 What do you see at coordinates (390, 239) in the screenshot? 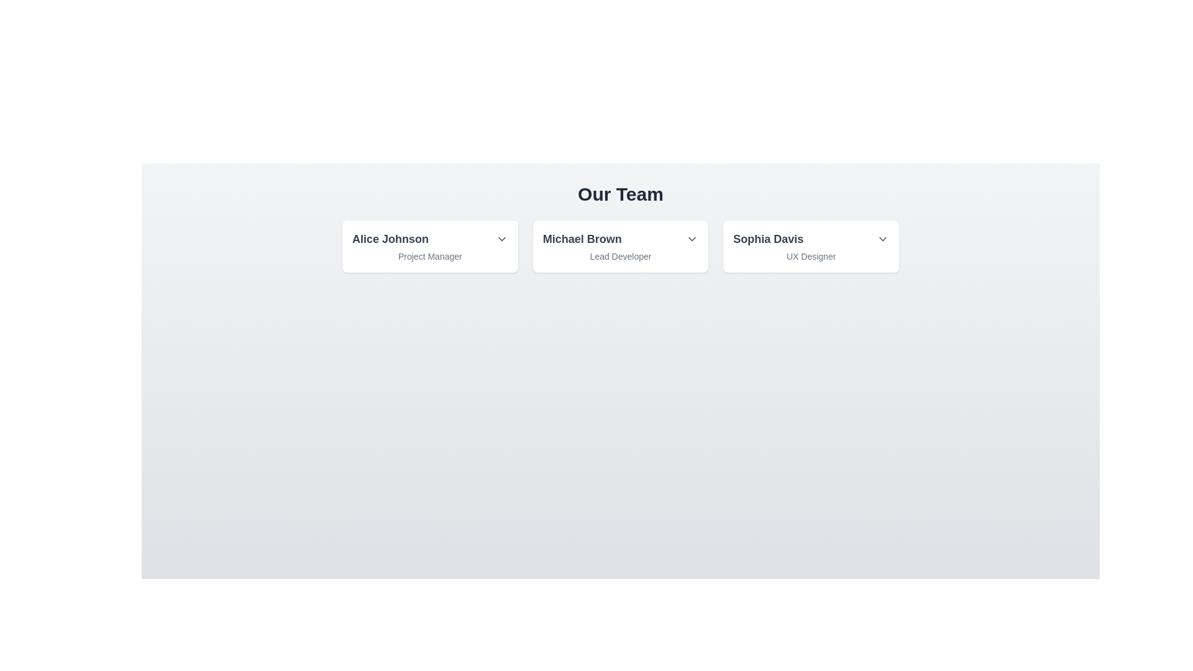
I see `the text label displaying 'Alice Johnson', which is styled in bold, dark gray font and serves as a prominent header for a section or card` at bounding box center [390, 239].